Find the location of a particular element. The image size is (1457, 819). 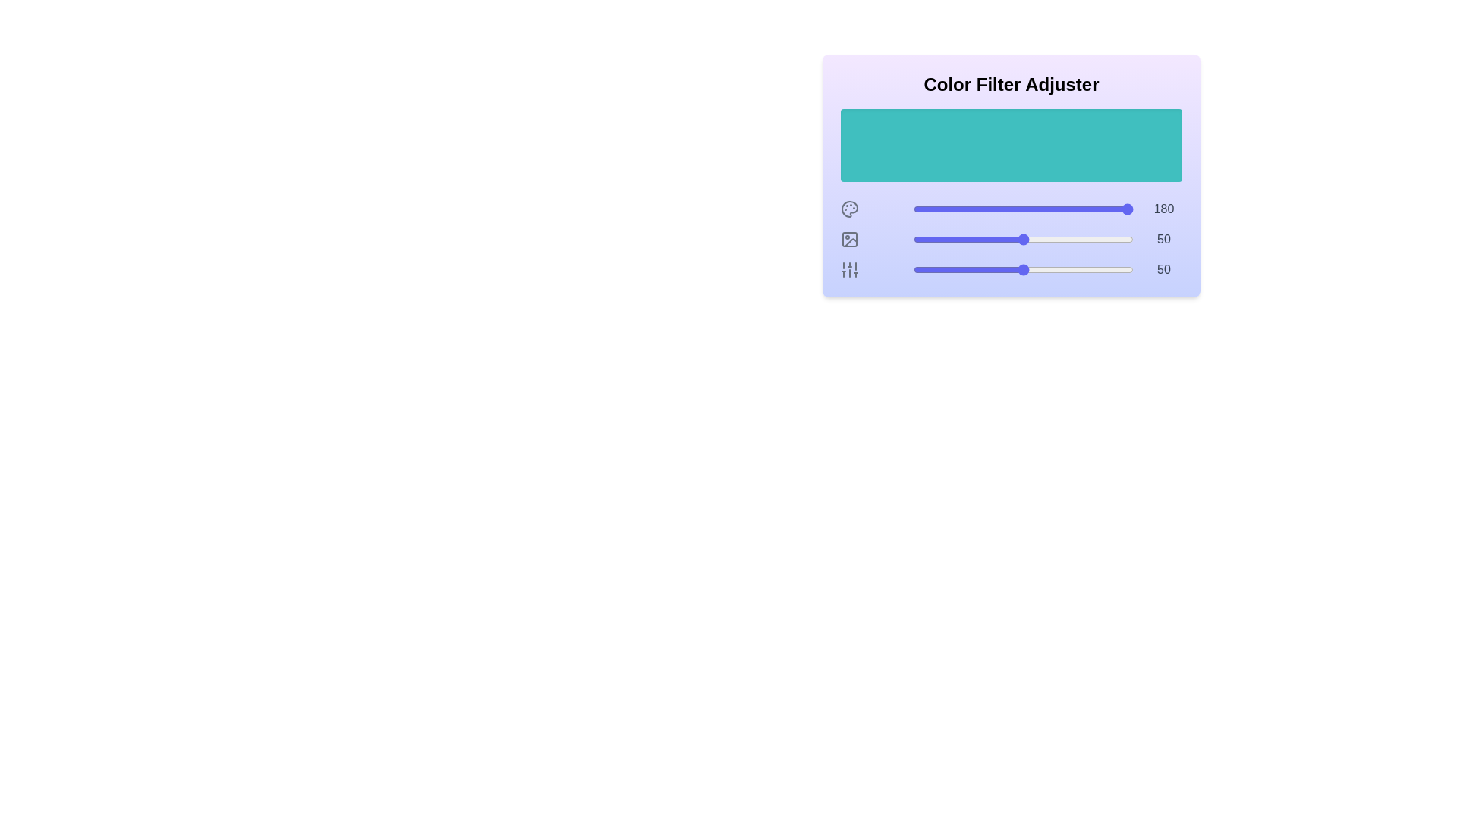

the icon associated with the slider for Hue adjustment is located at coordinates (848, 209).